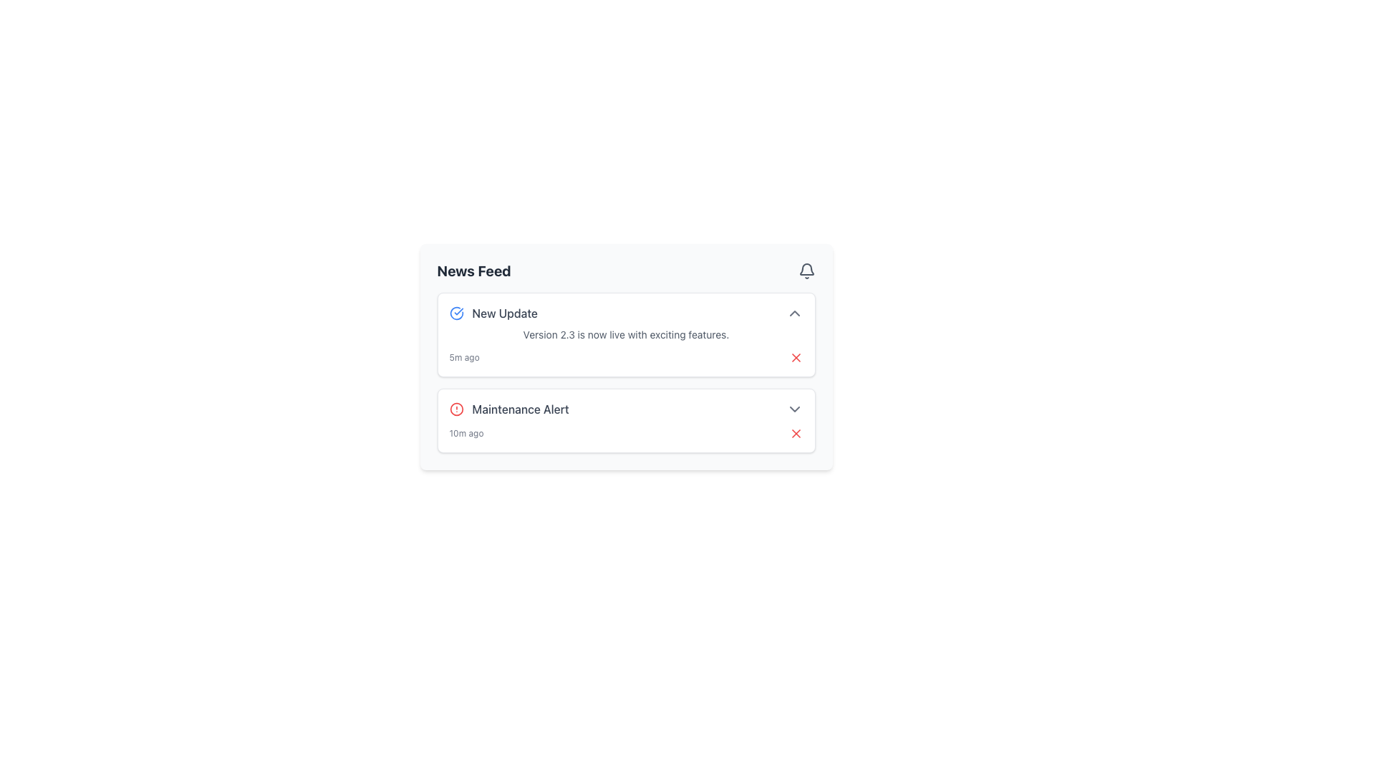 This screenshot has height=773, width=1375. Describe the element at coordinates (795, 357) in the screenshot. I see `the close button located in the top-right corner of the 'New Update' card in the 'News Feed' section` at that location.